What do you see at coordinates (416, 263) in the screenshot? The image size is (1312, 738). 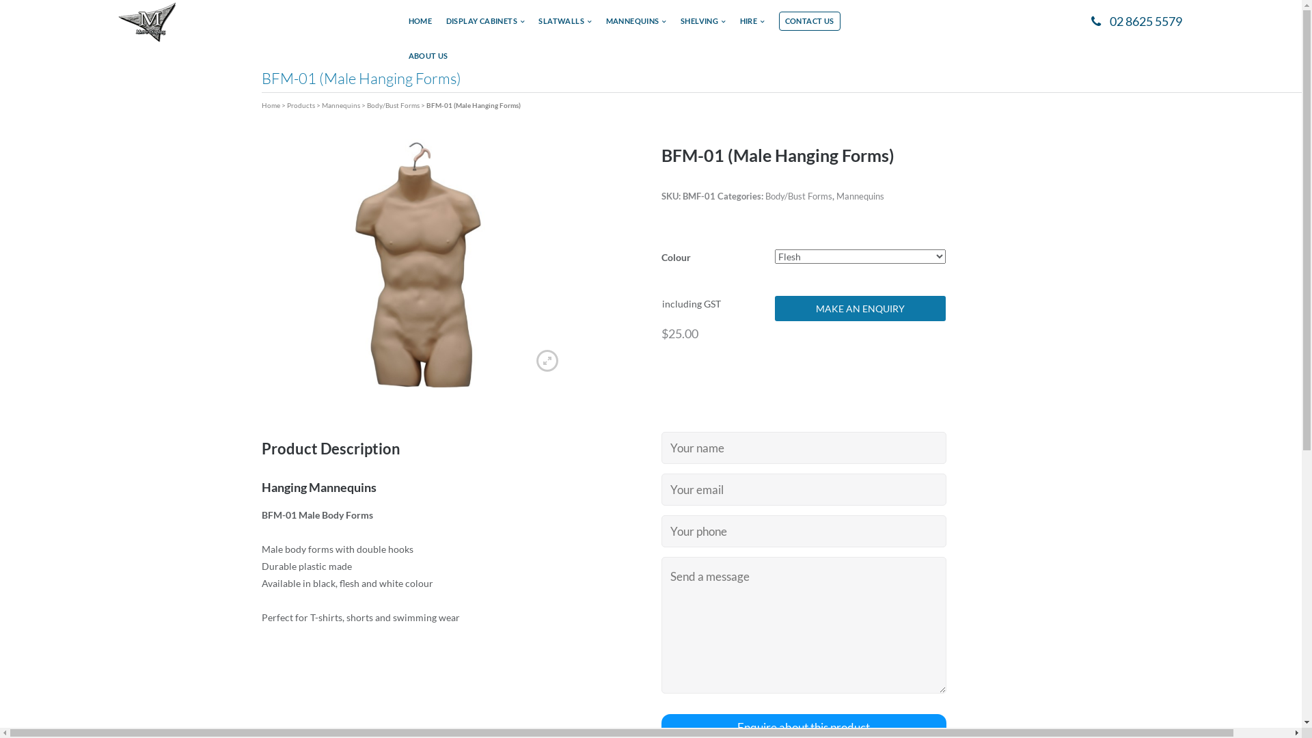 I see `'BFM-01s_Largejpg'` at bounding box center [416, 263].